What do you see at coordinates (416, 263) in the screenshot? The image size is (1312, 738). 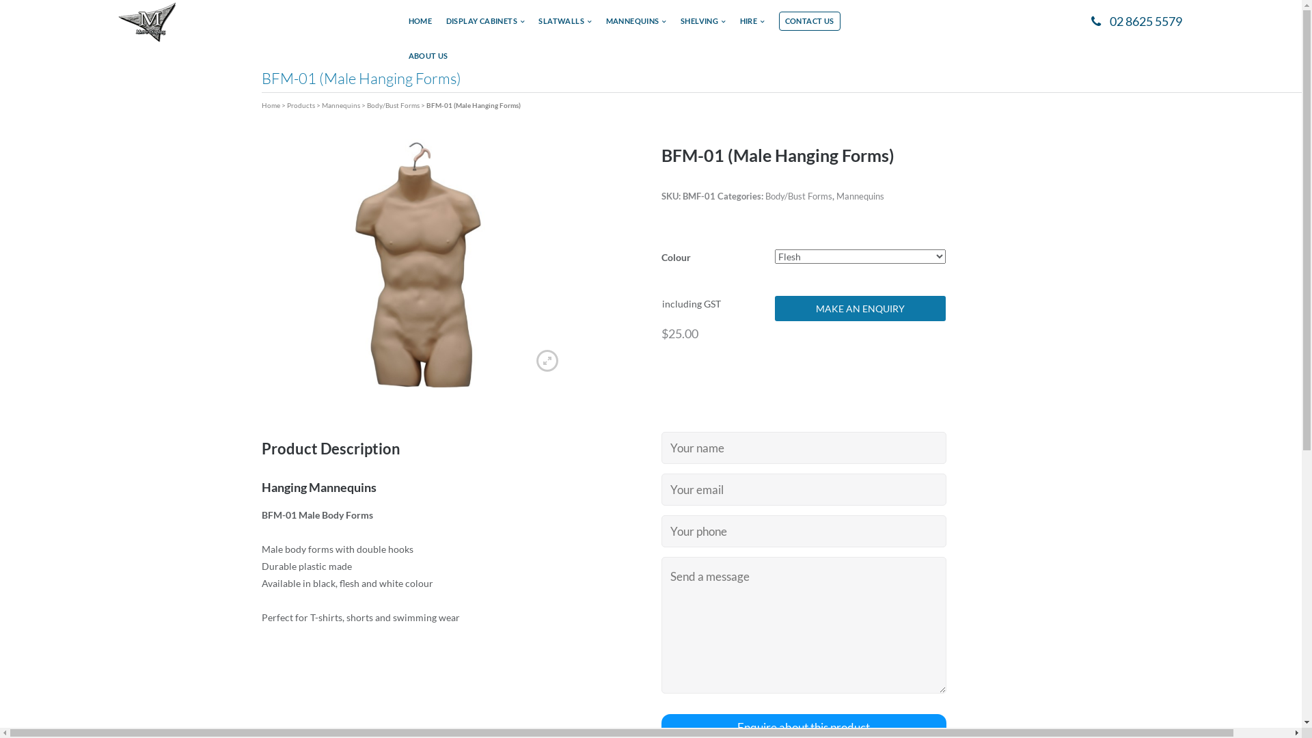 I see `'BFM-01s_Largejpg'` at bounding box center [416, 263].